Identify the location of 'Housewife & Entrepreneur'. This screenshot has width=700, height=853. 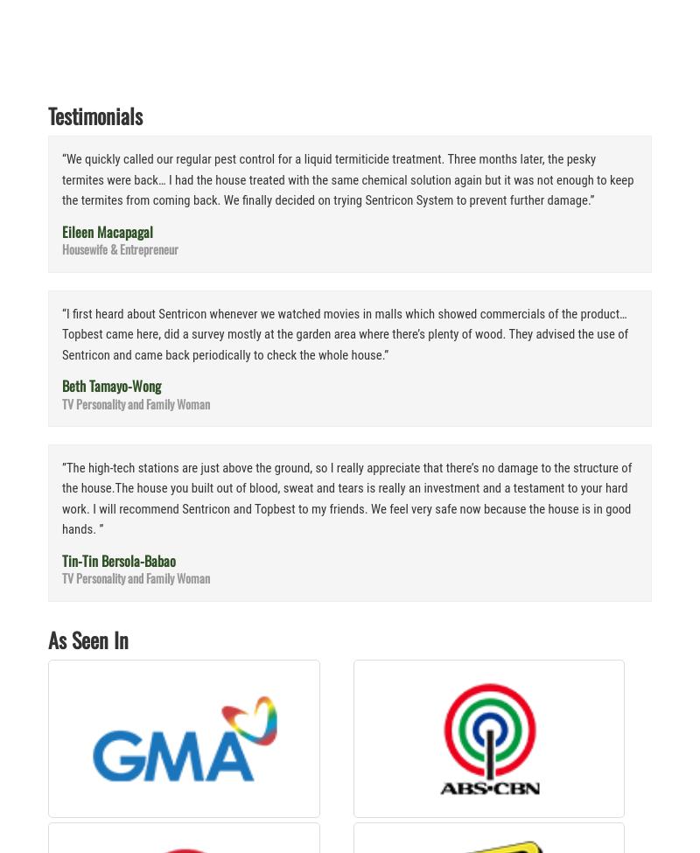
(120, 248).